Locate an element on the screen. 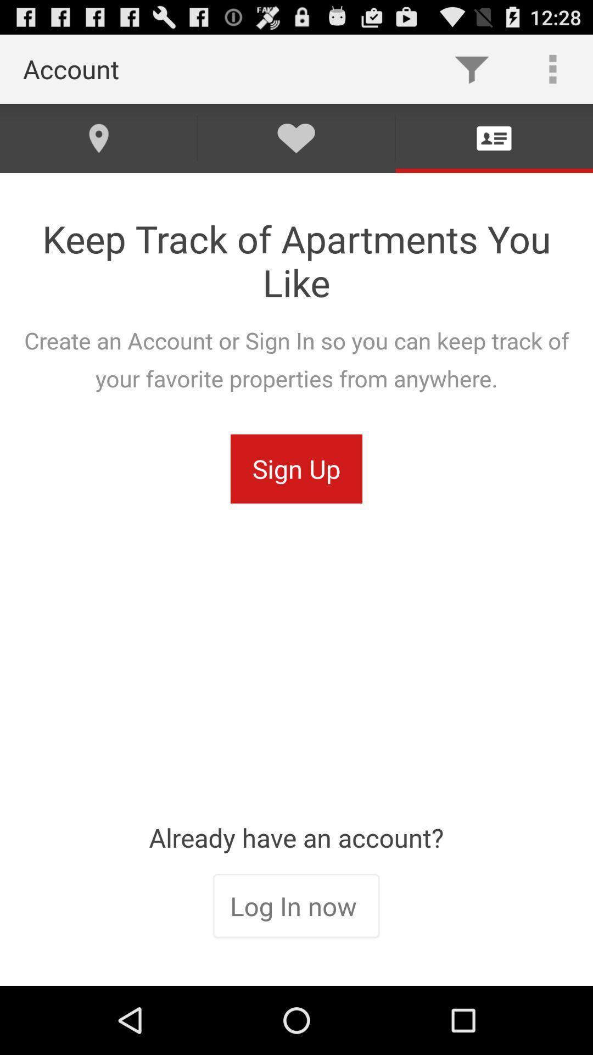 The height and width of the screenshot is (1055, 593). the sign up icon is located at coordinates (296, 469).